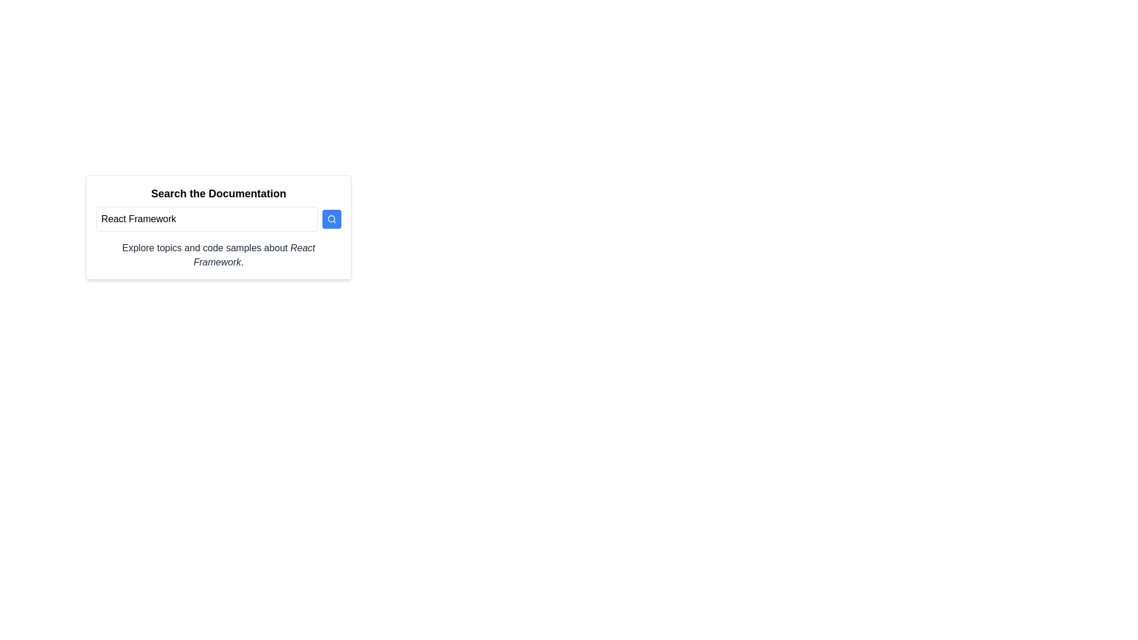 This screenshot has width=1138, height=640. I want to click on the text element displaying 'Explore topics and code samples about React Framework.' to read the information, so click(219, 255).